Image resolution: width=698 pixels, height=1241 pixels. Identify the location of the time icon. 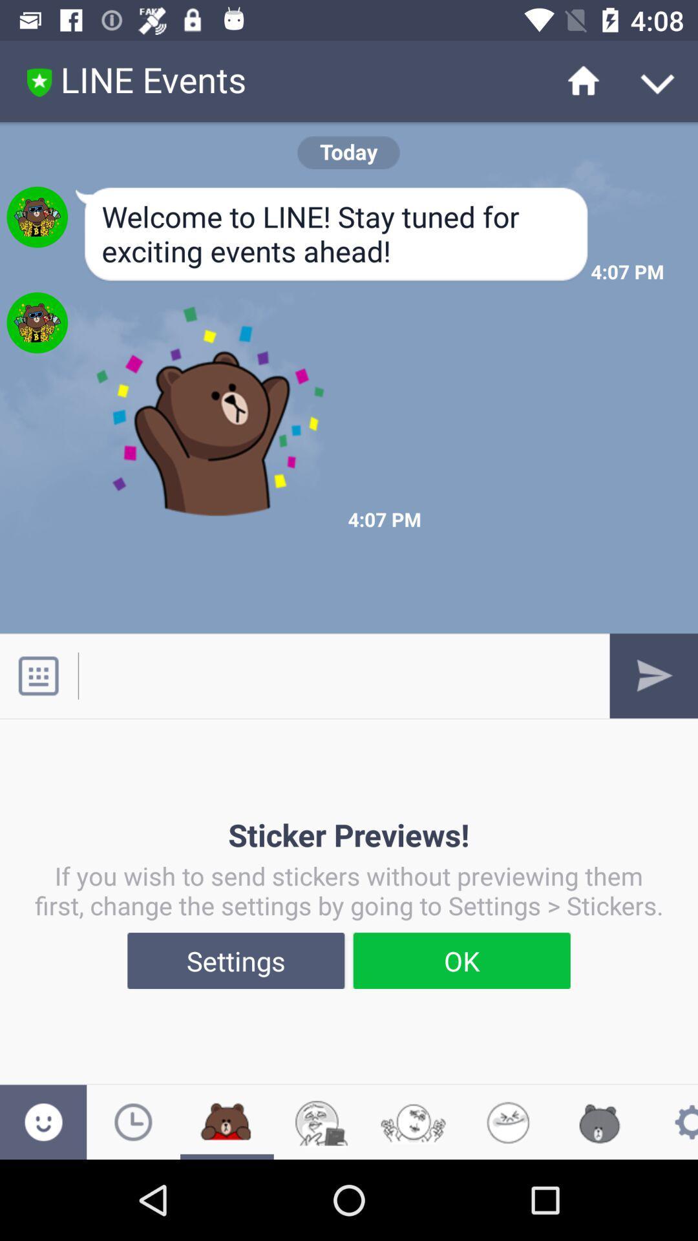
(133, 1121).